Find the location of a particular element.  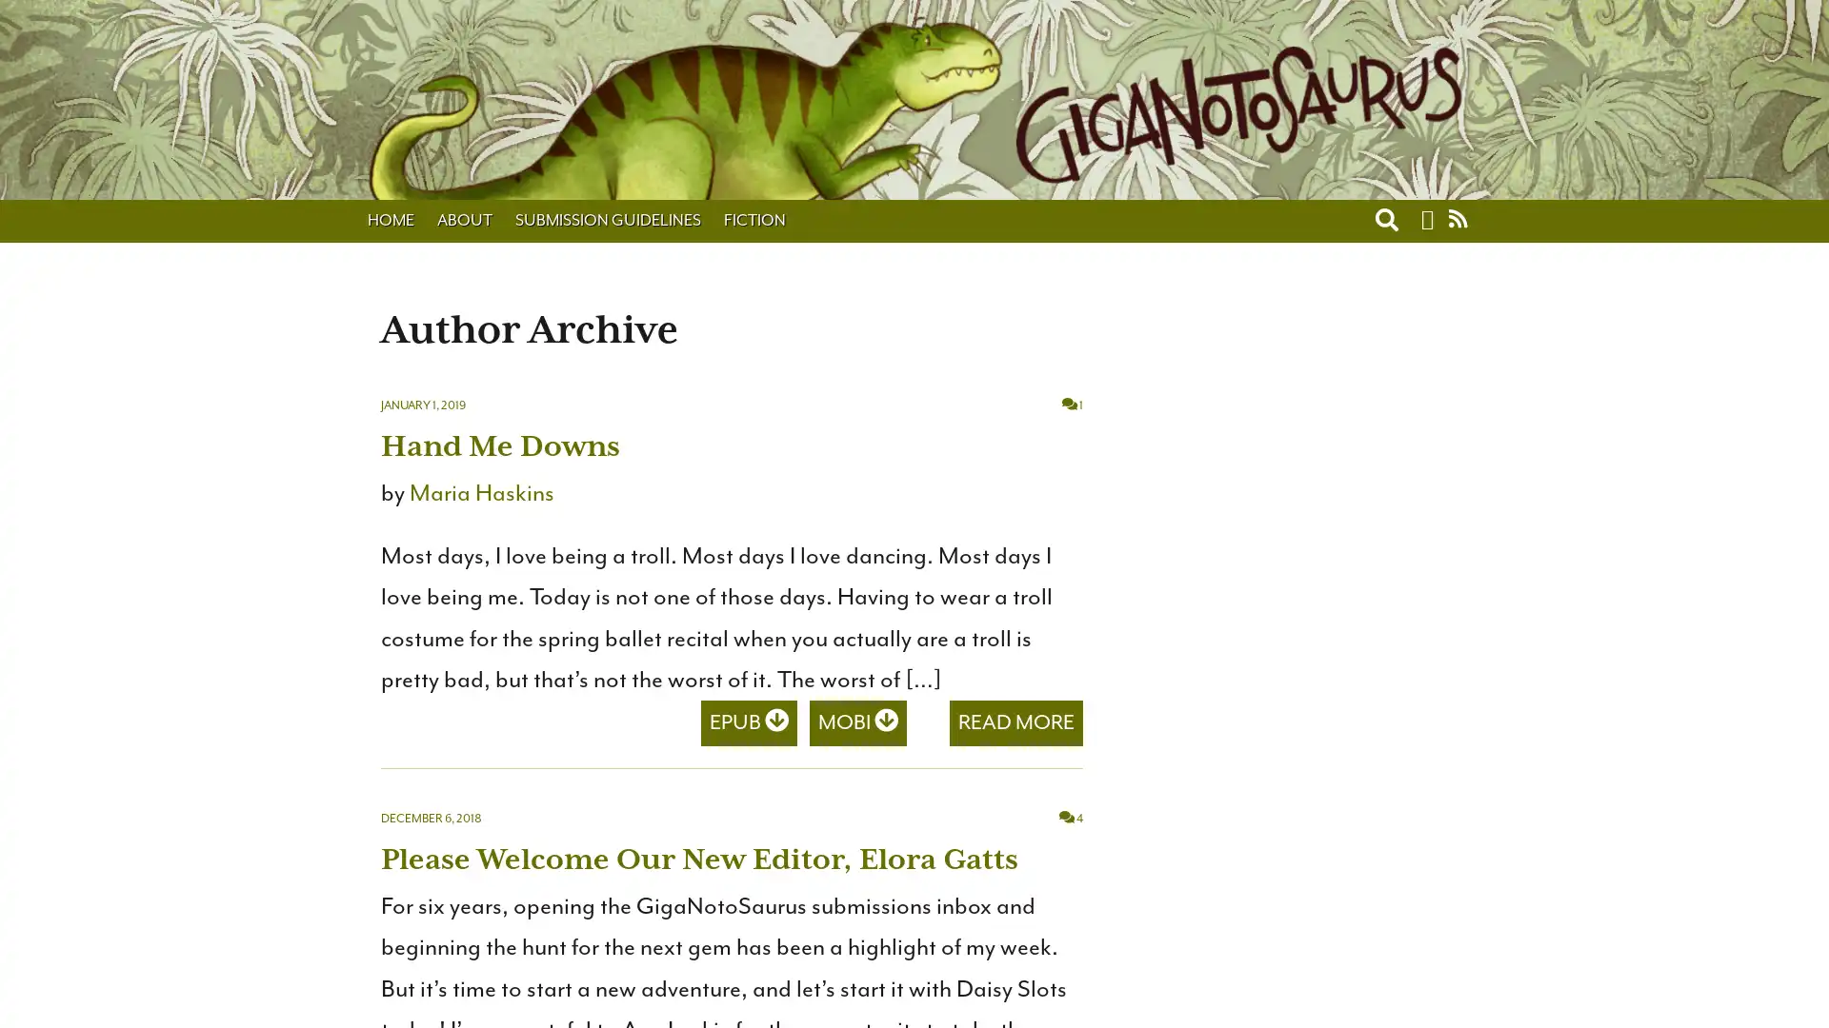

Toggle search is located at coordinates (1377, 219).